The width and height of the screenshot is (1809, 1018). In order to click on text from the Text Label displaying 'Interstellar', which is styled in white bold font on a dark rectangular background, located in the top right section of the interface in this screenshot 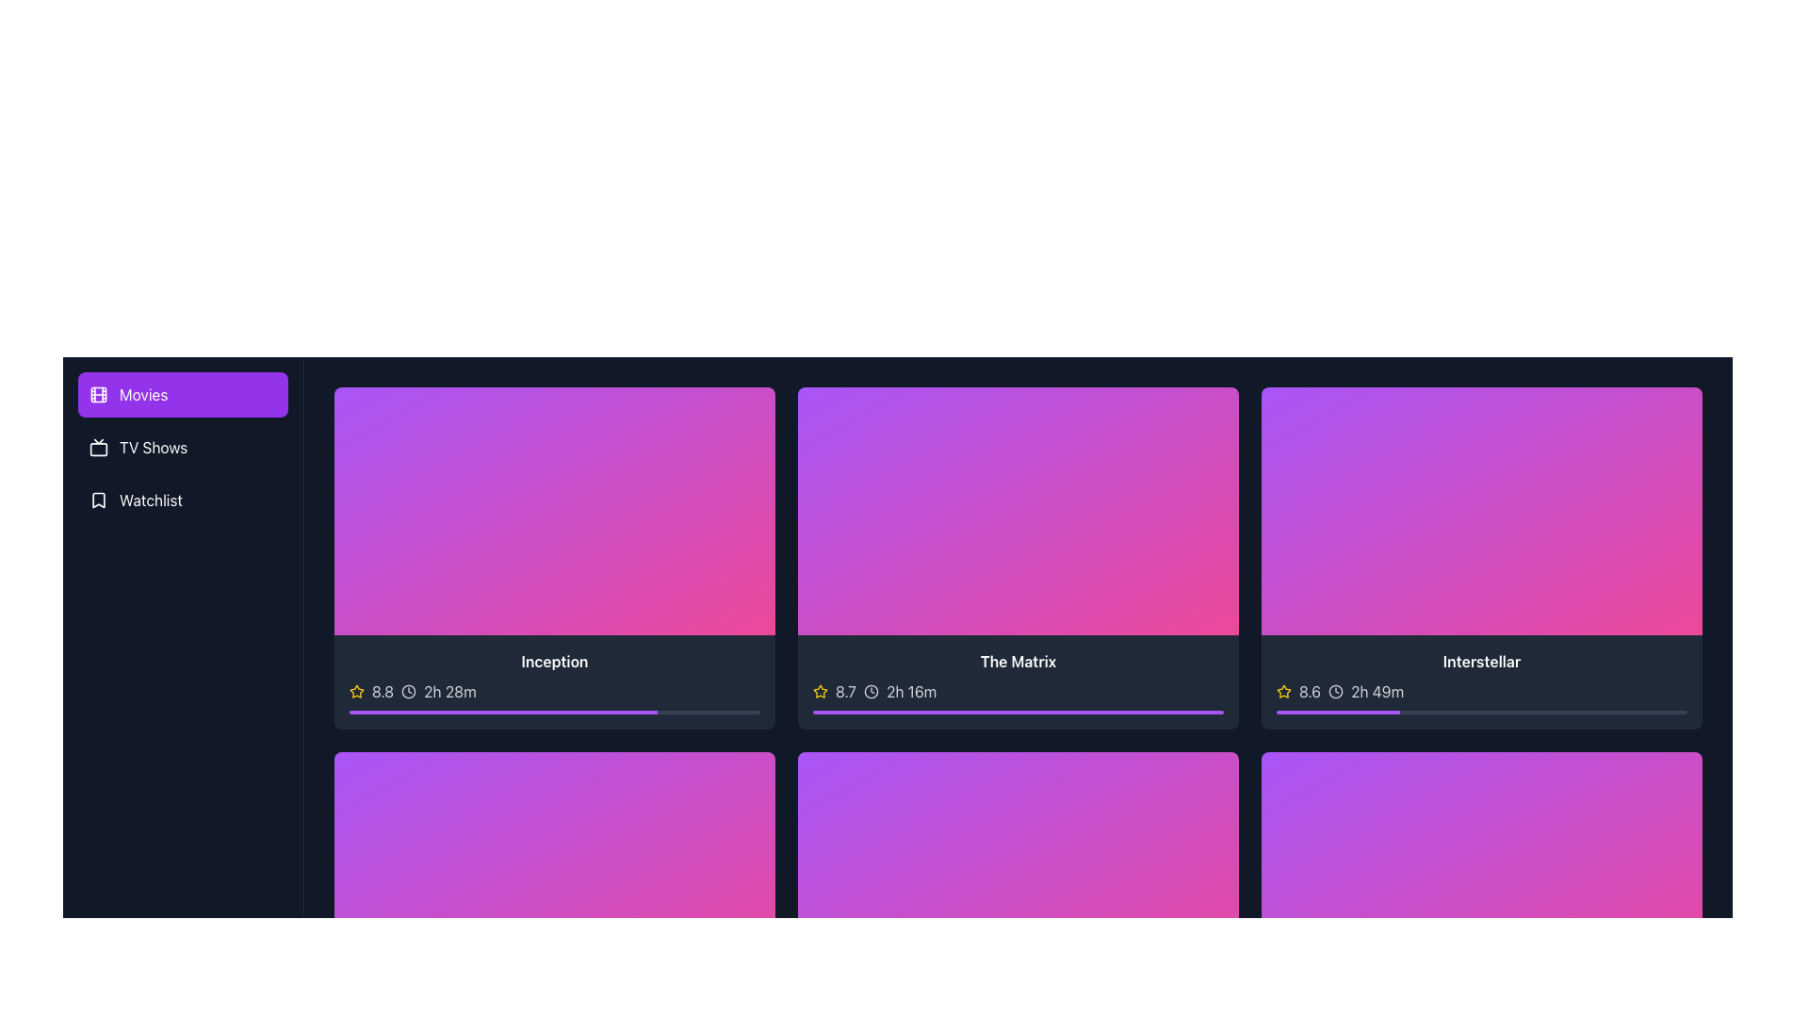, I will do `click(1481, 661)`.